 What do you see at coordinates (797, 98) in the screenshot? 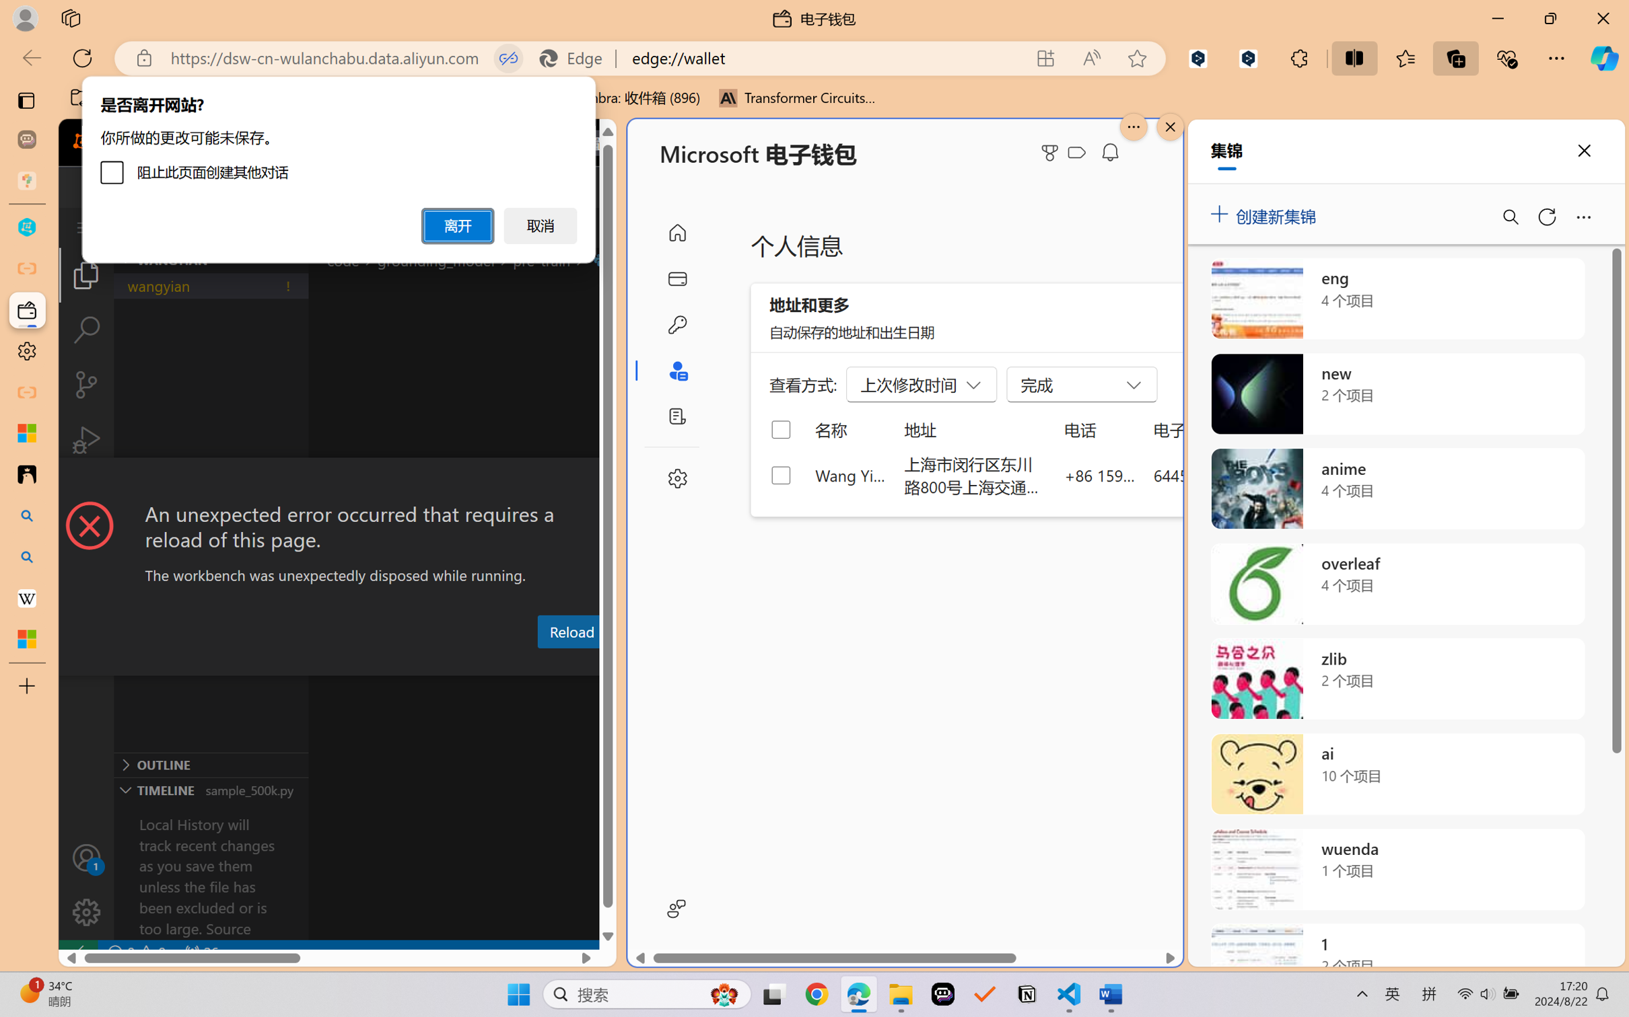
I see `'Transformer Circuits Thread'` at bounding box center [797, 98].